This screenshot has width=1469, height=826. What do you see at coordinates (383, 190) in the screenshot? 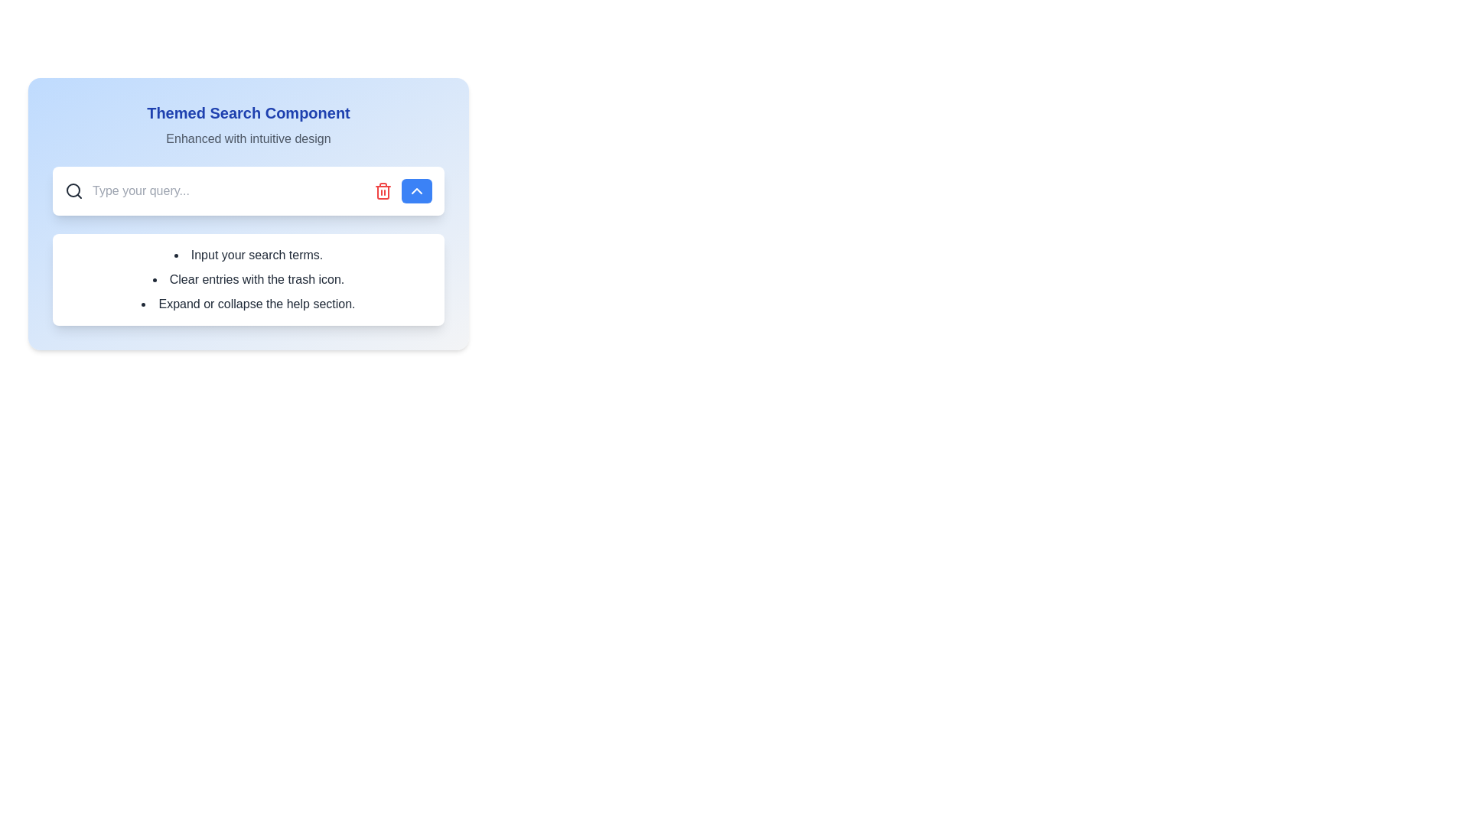
I see `the red trash icon button located at the right side of the white search bar` at bounding box center [383, 190].